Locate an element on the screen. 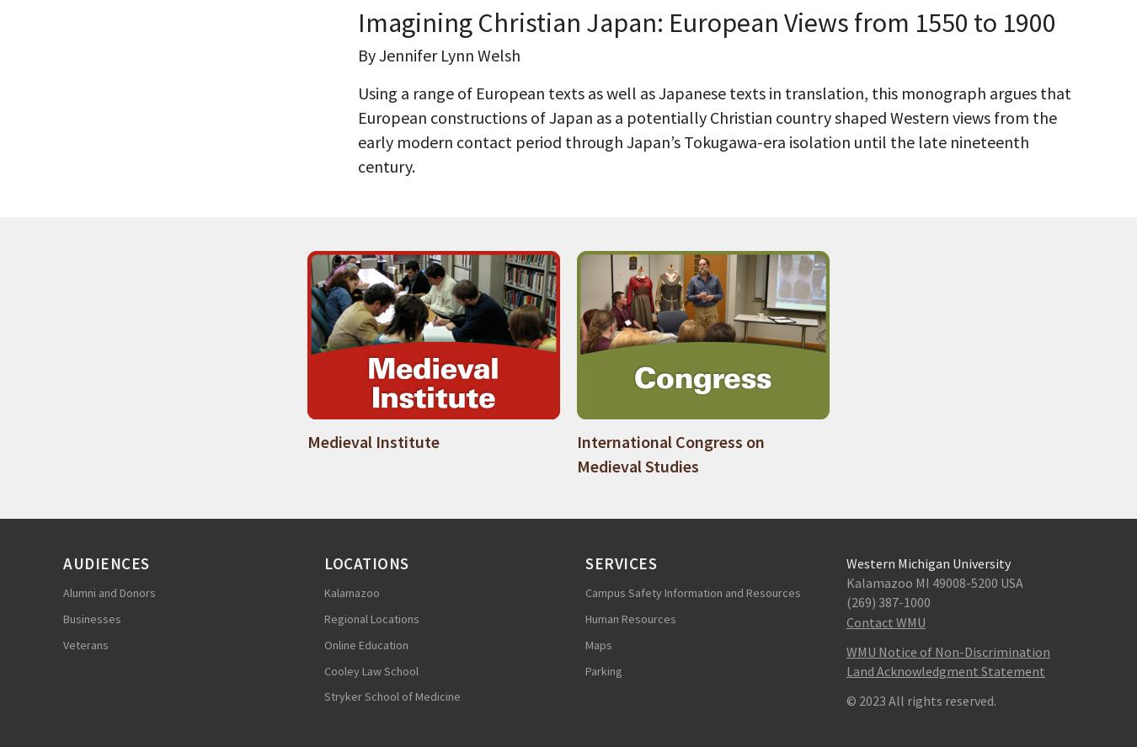 The width and height of the screenshot is (1137, 747). 'Alumni and Donors' is located at coordinates (109, 593).